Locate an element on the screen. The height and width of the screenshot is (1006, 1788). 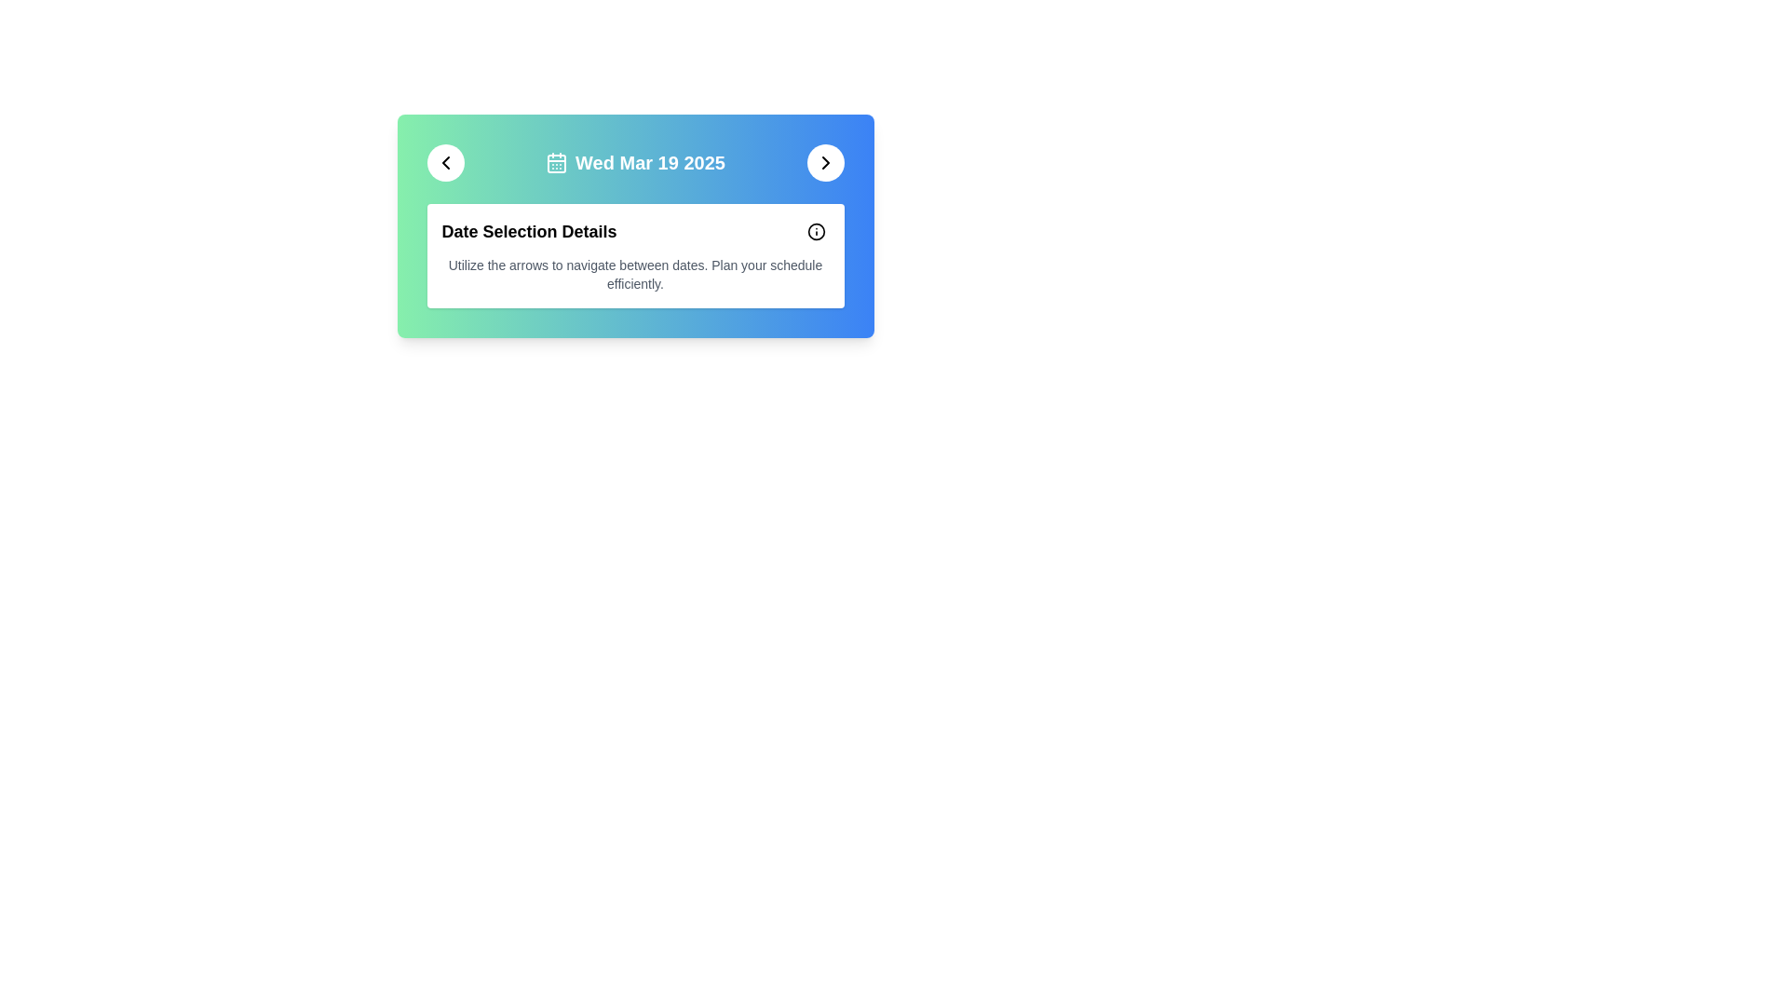
the navigation button with a rightward-pointing chevron icon, located at the far right of the layout, to change its visual state is located at coordinates (824, 161).